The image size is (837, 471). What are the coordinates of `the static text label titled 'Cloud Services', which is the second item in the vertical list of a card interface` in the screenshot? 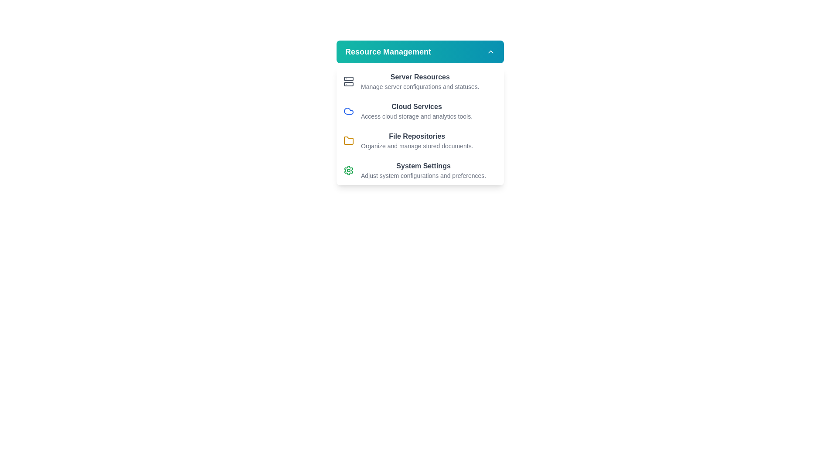 It's located at (416, 106).